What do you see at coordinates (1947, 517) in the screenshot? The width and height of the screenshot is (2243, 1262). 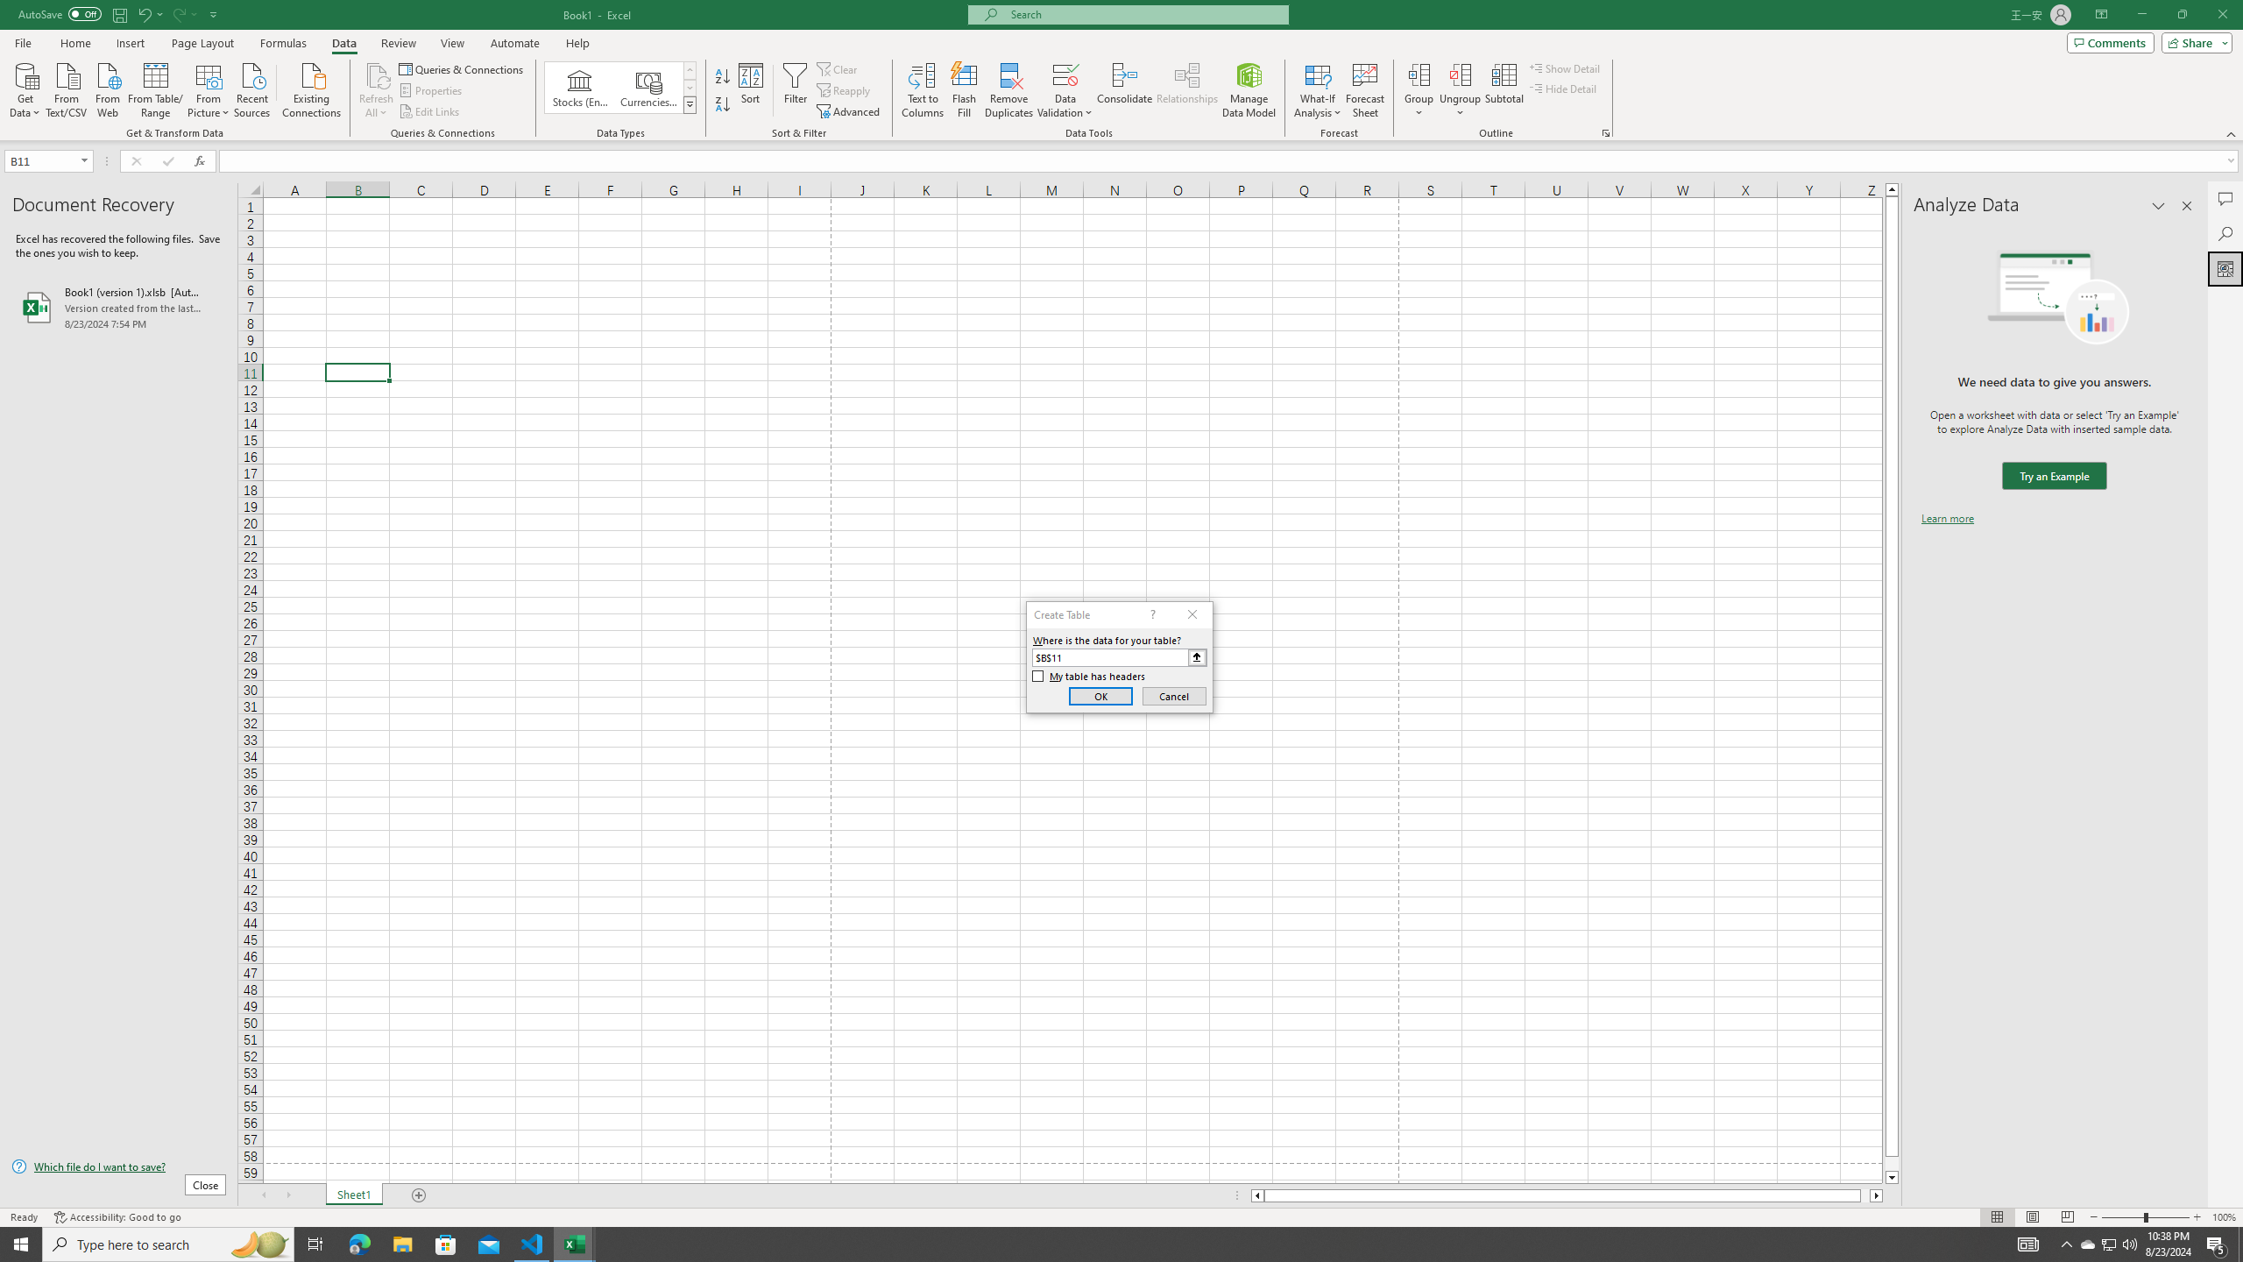 I see `'Learn more'` at bounding box center [1947, 517].